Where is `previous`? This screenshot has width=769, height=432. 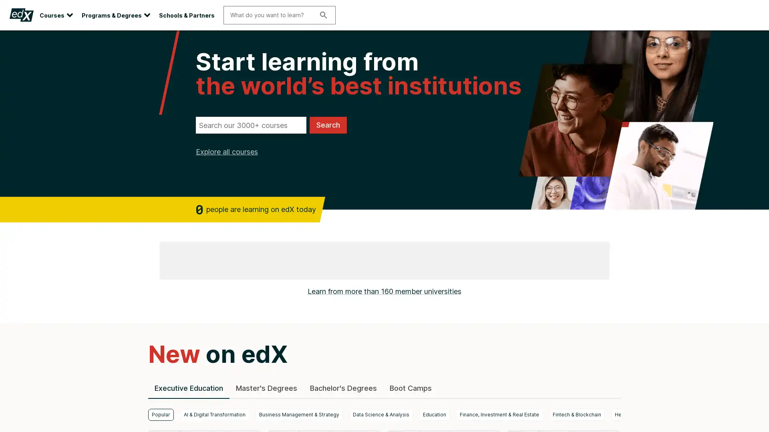
previous is located at coordinates (151, 273).